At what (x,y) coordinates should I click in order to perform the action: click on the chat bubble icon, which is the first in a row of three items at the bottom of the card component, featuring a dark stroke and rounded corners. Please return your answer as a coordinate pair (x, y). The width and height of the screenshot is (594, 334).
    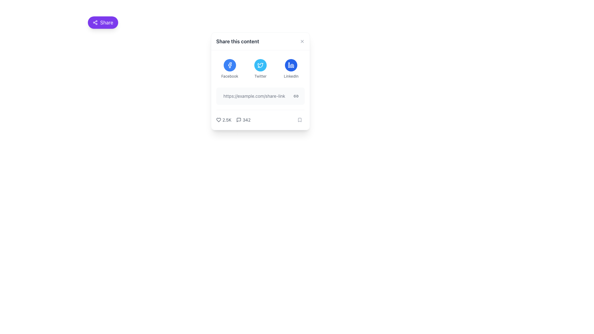
    Looking at the image, I should click on (239, 120).